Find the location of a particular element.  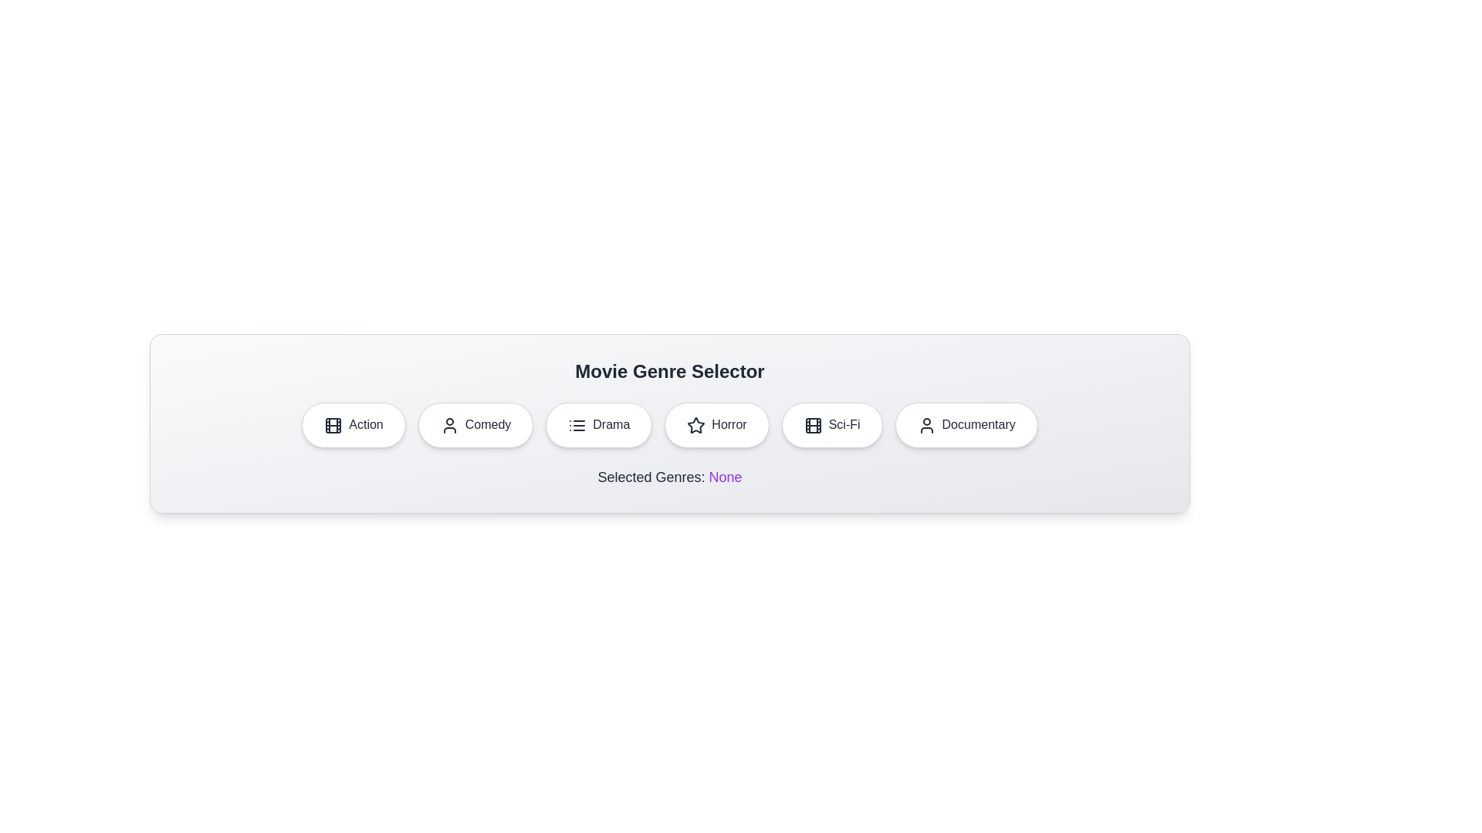

the 'Horror' genre selection button using tab navigation is located at coordinates (716, 425).